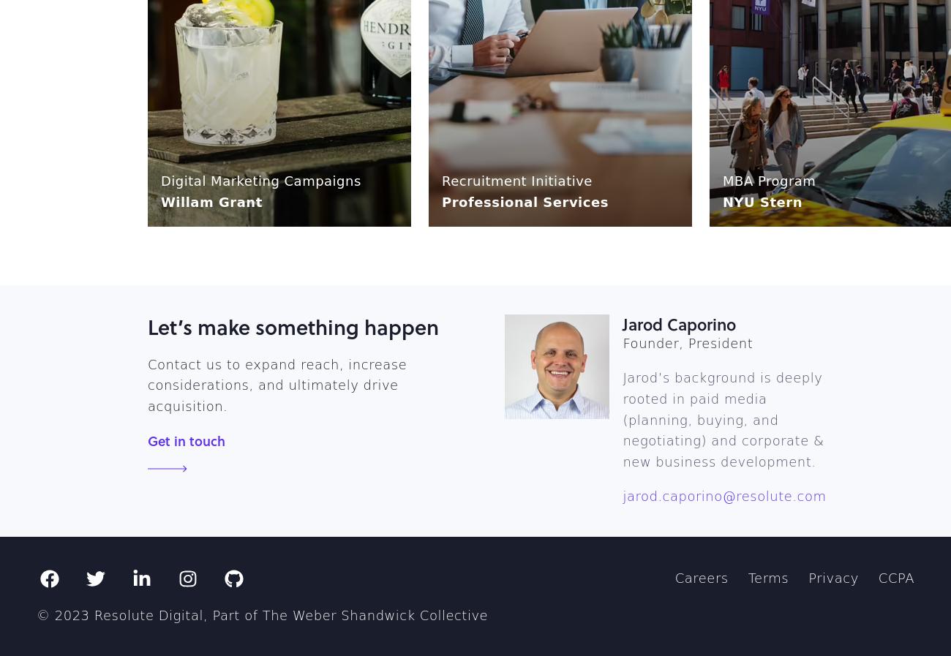 This screenshot has height=656, width=951. I want to click on 'jarod.caporino@resolute.com', so click(622, 496).